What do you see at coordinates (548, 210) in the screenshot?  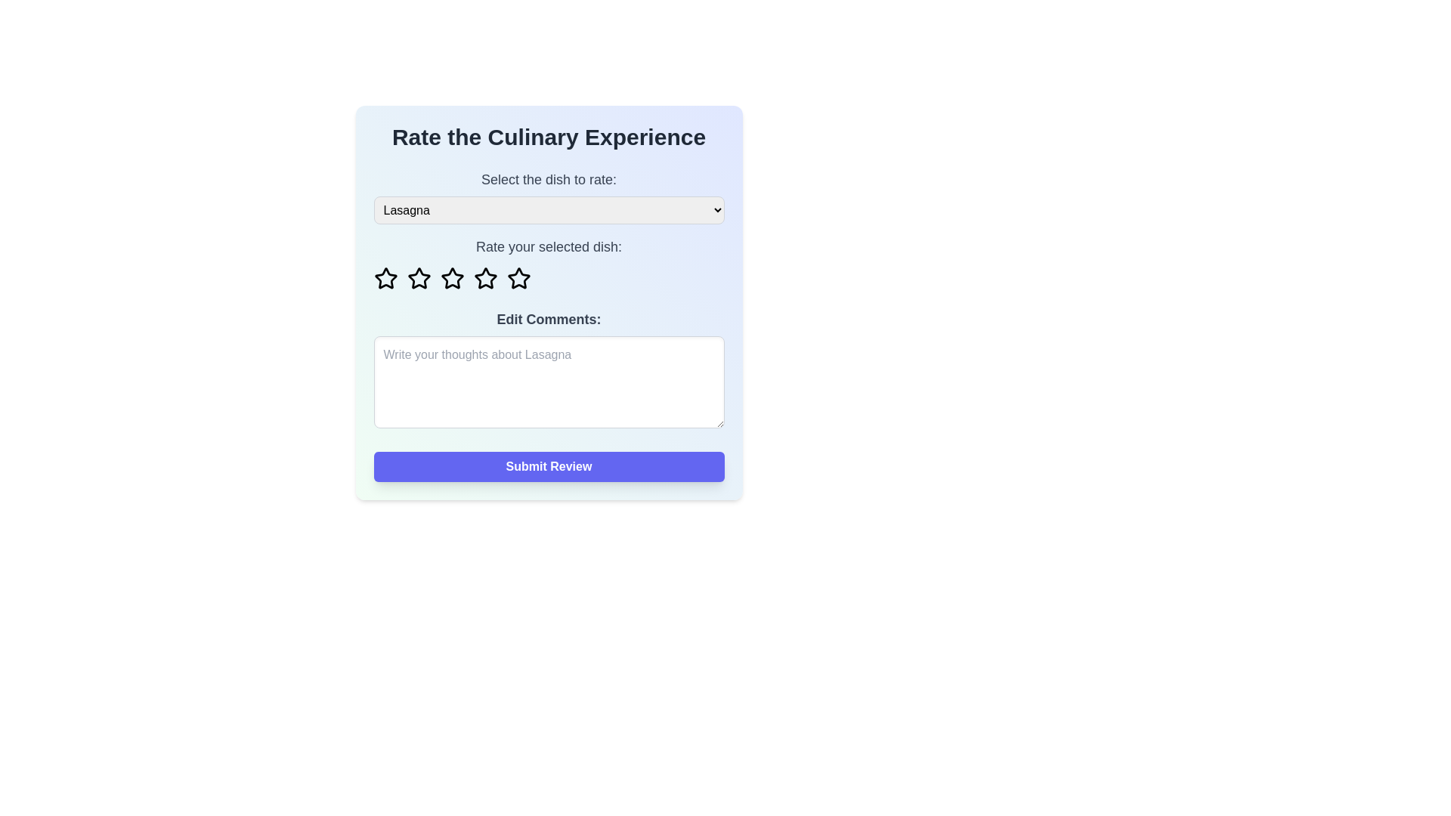 I see `an option from the dropdown menu that currently displays 'Lasagna', which is styled with a light gray border and rounded rectangle shape, positioned below the heading 'Select the dish to rate:' and above the rating stars section` at bounding box center [548, 210].